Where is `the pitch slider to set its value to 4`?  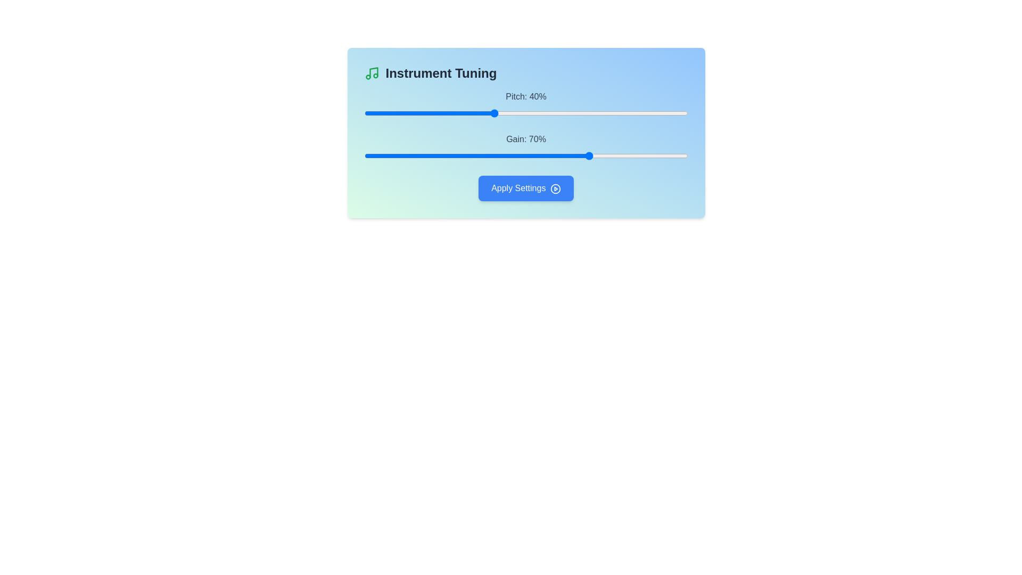 the pitch slider to set its value to 4 is located at coordinates (377, 113).